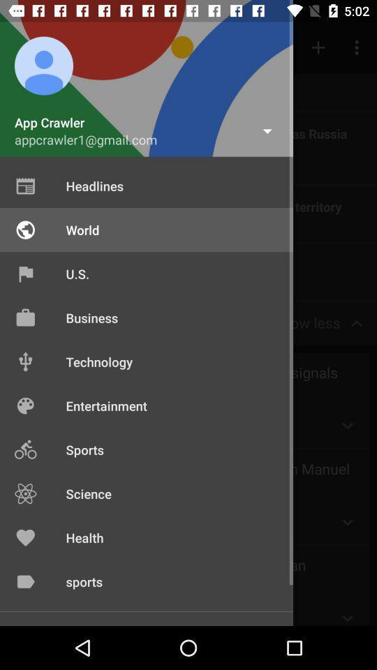  I want to click on the shop icon, so click(22, 323).